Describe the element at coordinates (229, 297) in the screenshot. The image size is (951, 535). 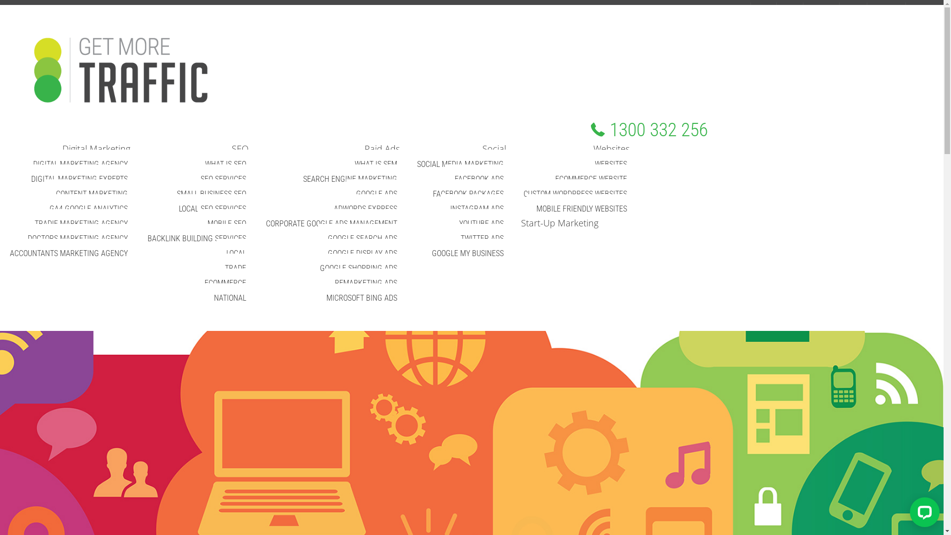
I see `'NATIONAL'` at that location.